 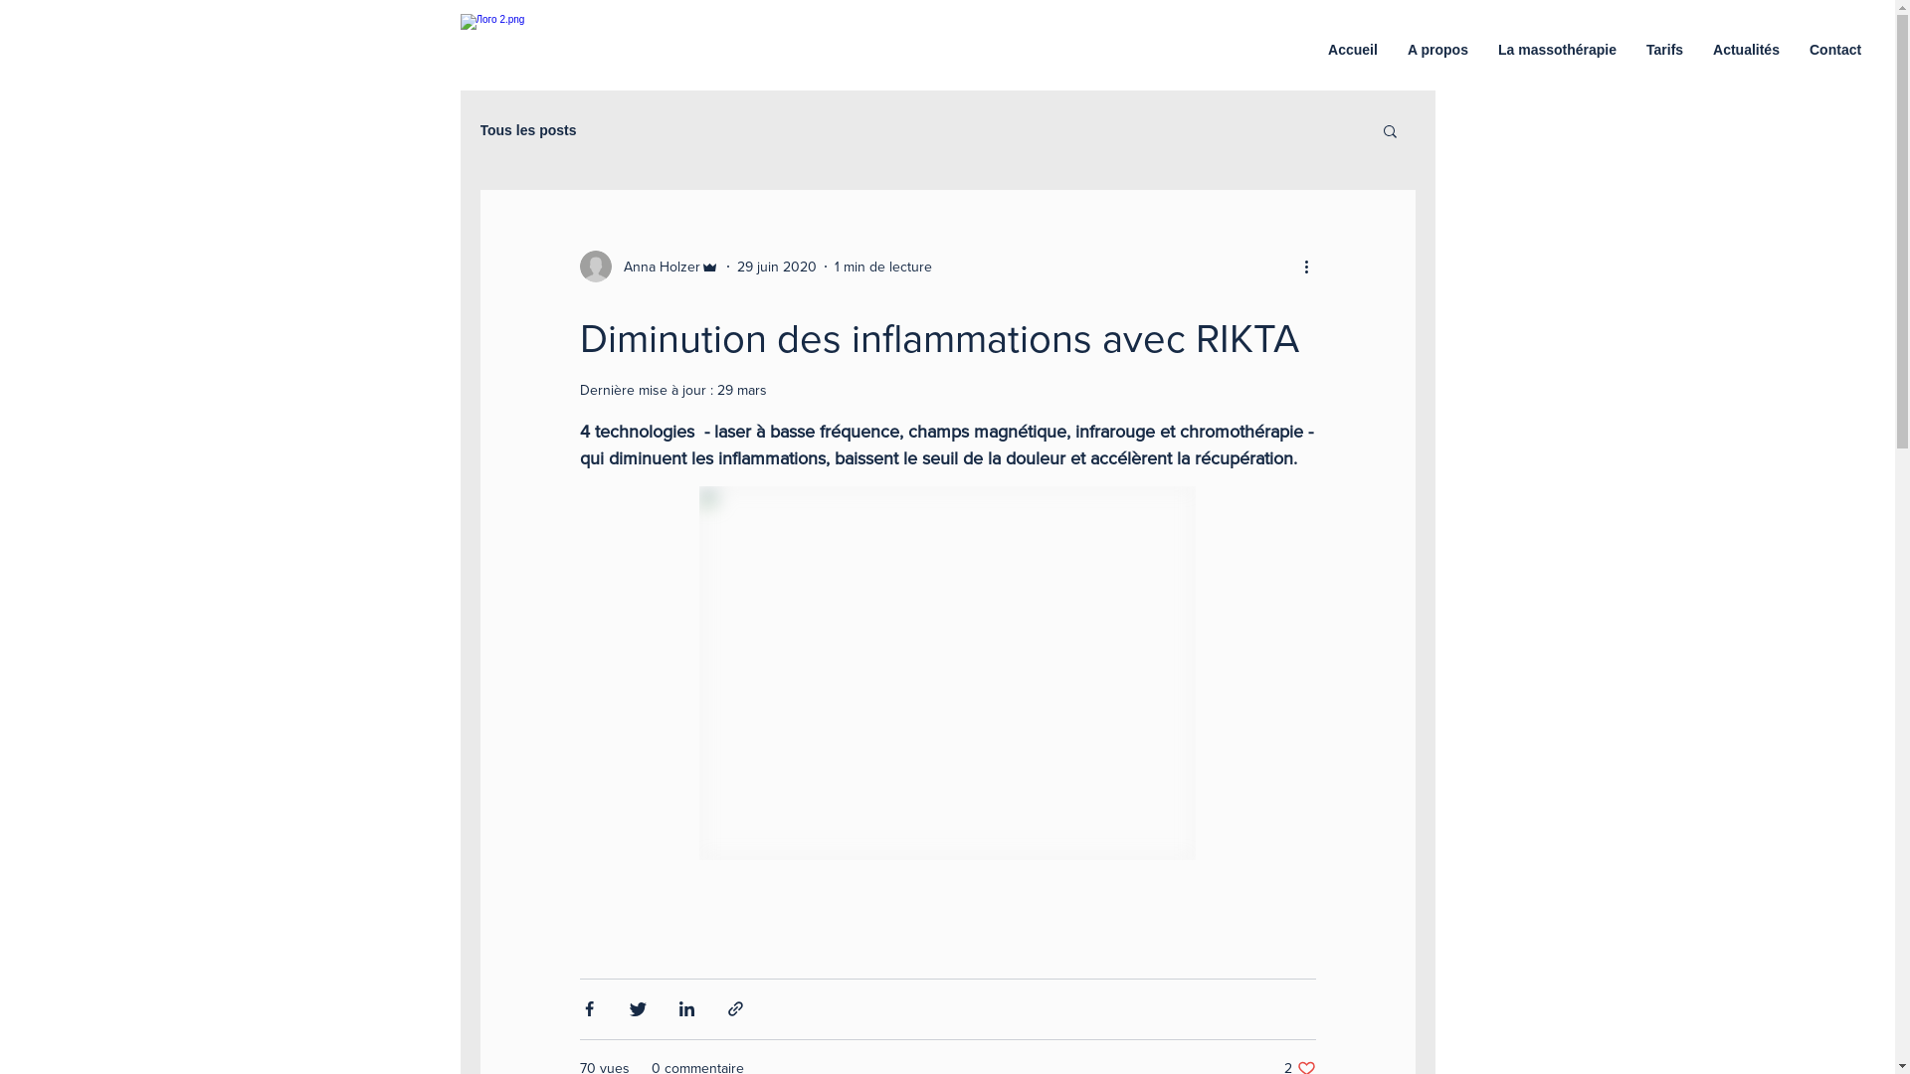 I want to click on 'Tarifs', so click(x=1664, y=49).